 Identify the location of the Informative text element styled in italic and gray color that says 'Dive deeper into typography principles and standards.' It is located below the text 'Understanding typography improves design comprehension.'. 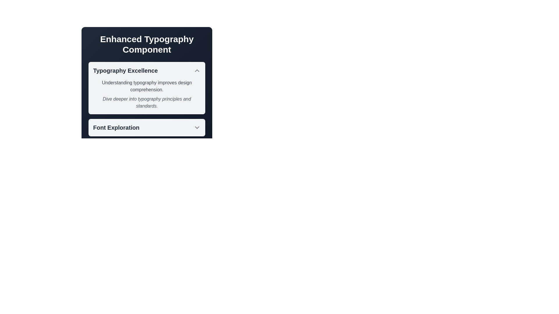
(147, 102).